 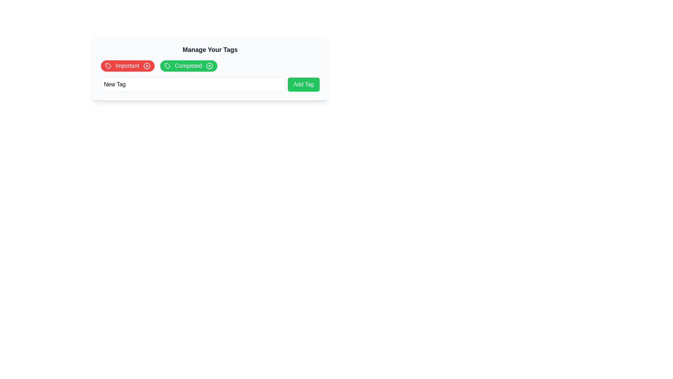 I want to click on the close button of the tag named Important to remove it, so click(x=147, y=66).